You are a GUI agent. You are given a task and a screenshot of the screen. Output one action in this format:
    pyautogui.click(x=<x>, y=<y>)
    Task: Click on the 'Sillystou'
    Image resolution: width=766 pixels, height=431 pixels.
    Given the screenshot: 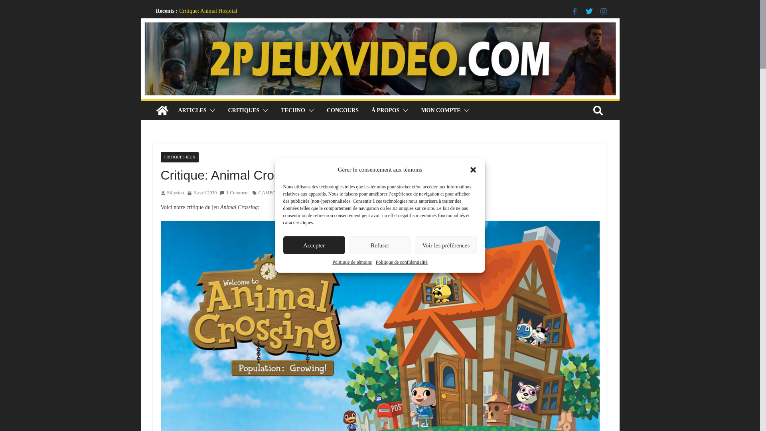 What is the action you would take?
    pyautogui.click(x=175, y=193)
    